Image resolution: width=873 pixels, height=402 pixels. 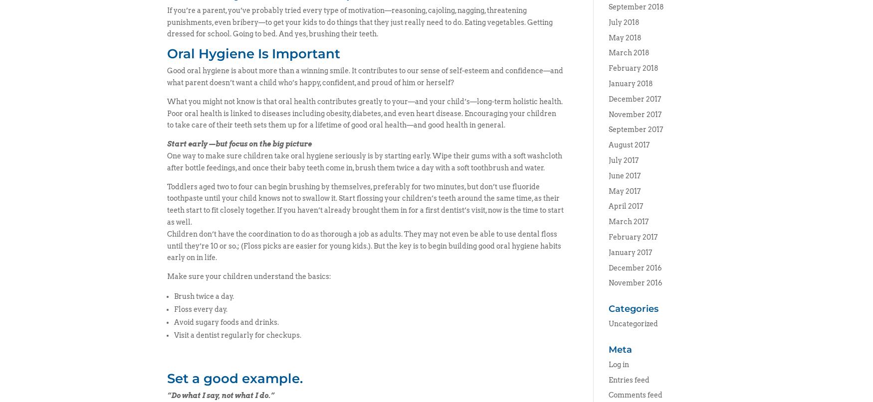 I want to click on 'Categories', so click(x=632, y=308).